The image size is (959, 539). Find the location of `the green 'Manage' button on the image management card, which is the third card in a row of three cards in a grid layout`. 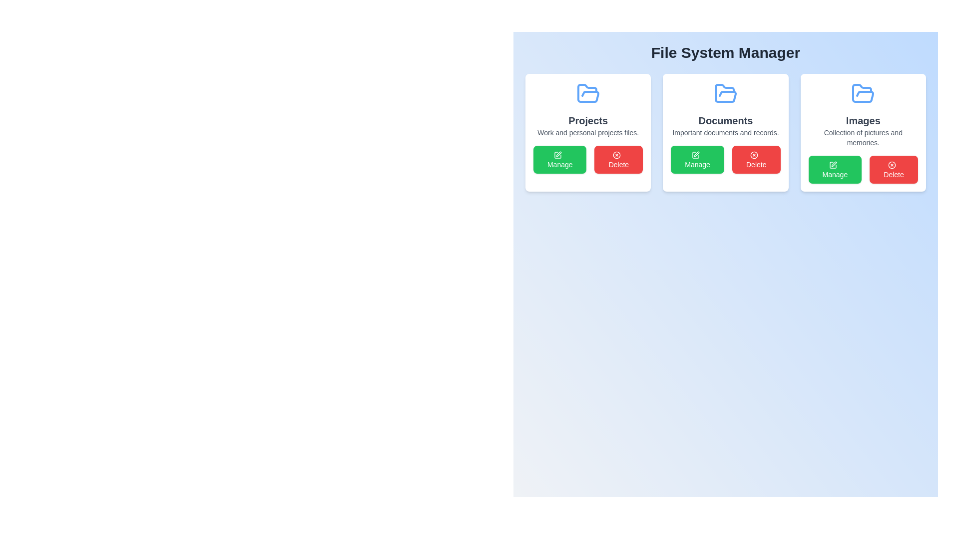

the green 'Manage' button on the image management card, which is the third card in a row of three cards in a grid layout is located at coordinates (863, 132).